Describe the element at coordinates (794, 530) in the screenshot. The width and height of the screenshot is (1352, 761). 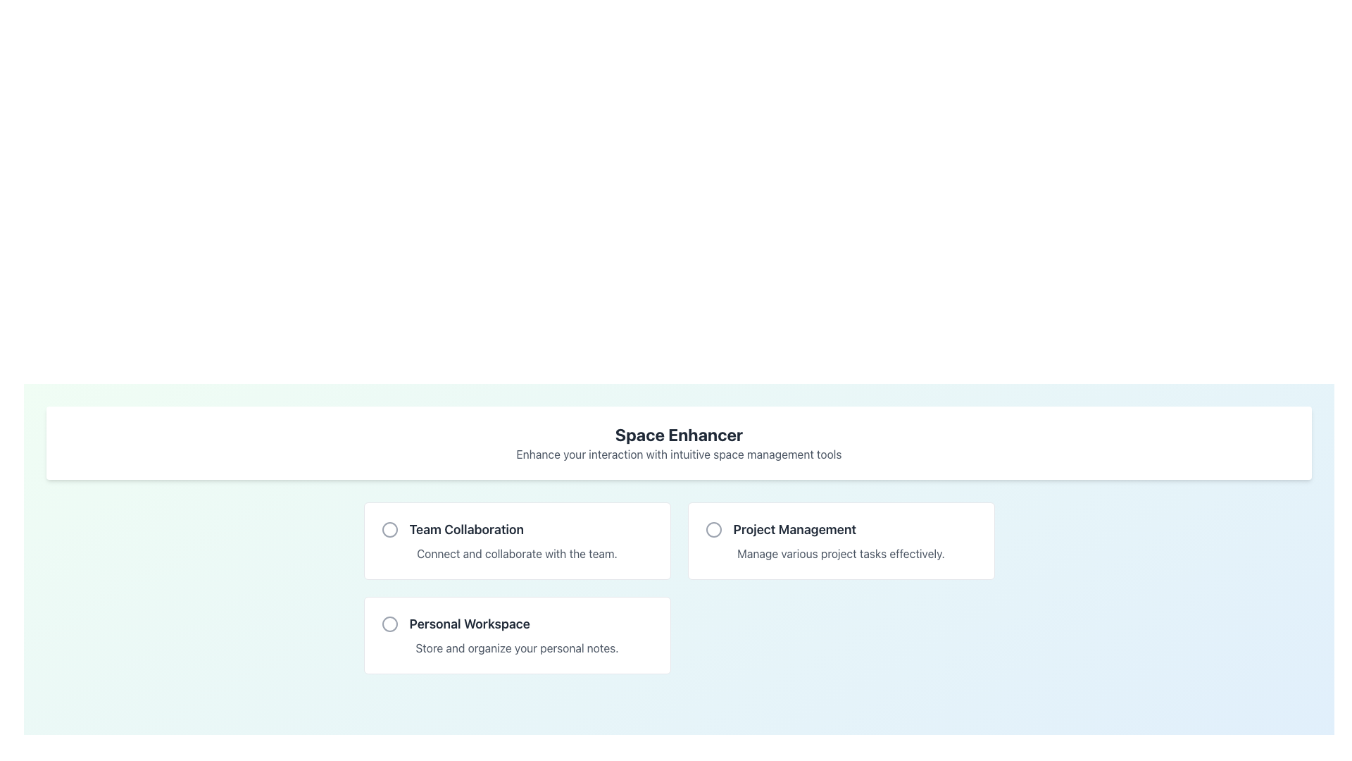
I see `text label displaying 'Project Management', which is bold and dark gray, located to the right of a circular radio button` at that location.